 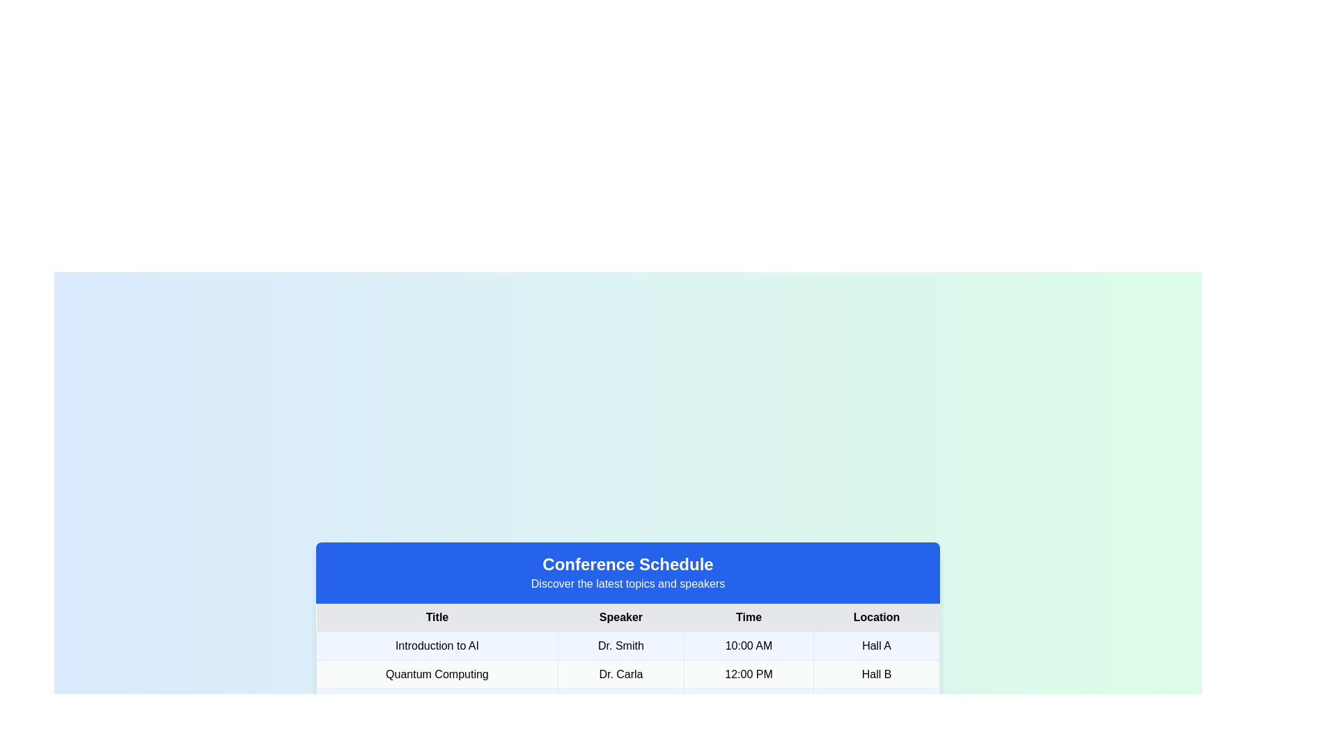 I want to click on the Text label header that indicates the Speaker of an event, which is the second header in a row of column headers located between the 'Title' and 'Time' headers, so click(x=620, y=617).